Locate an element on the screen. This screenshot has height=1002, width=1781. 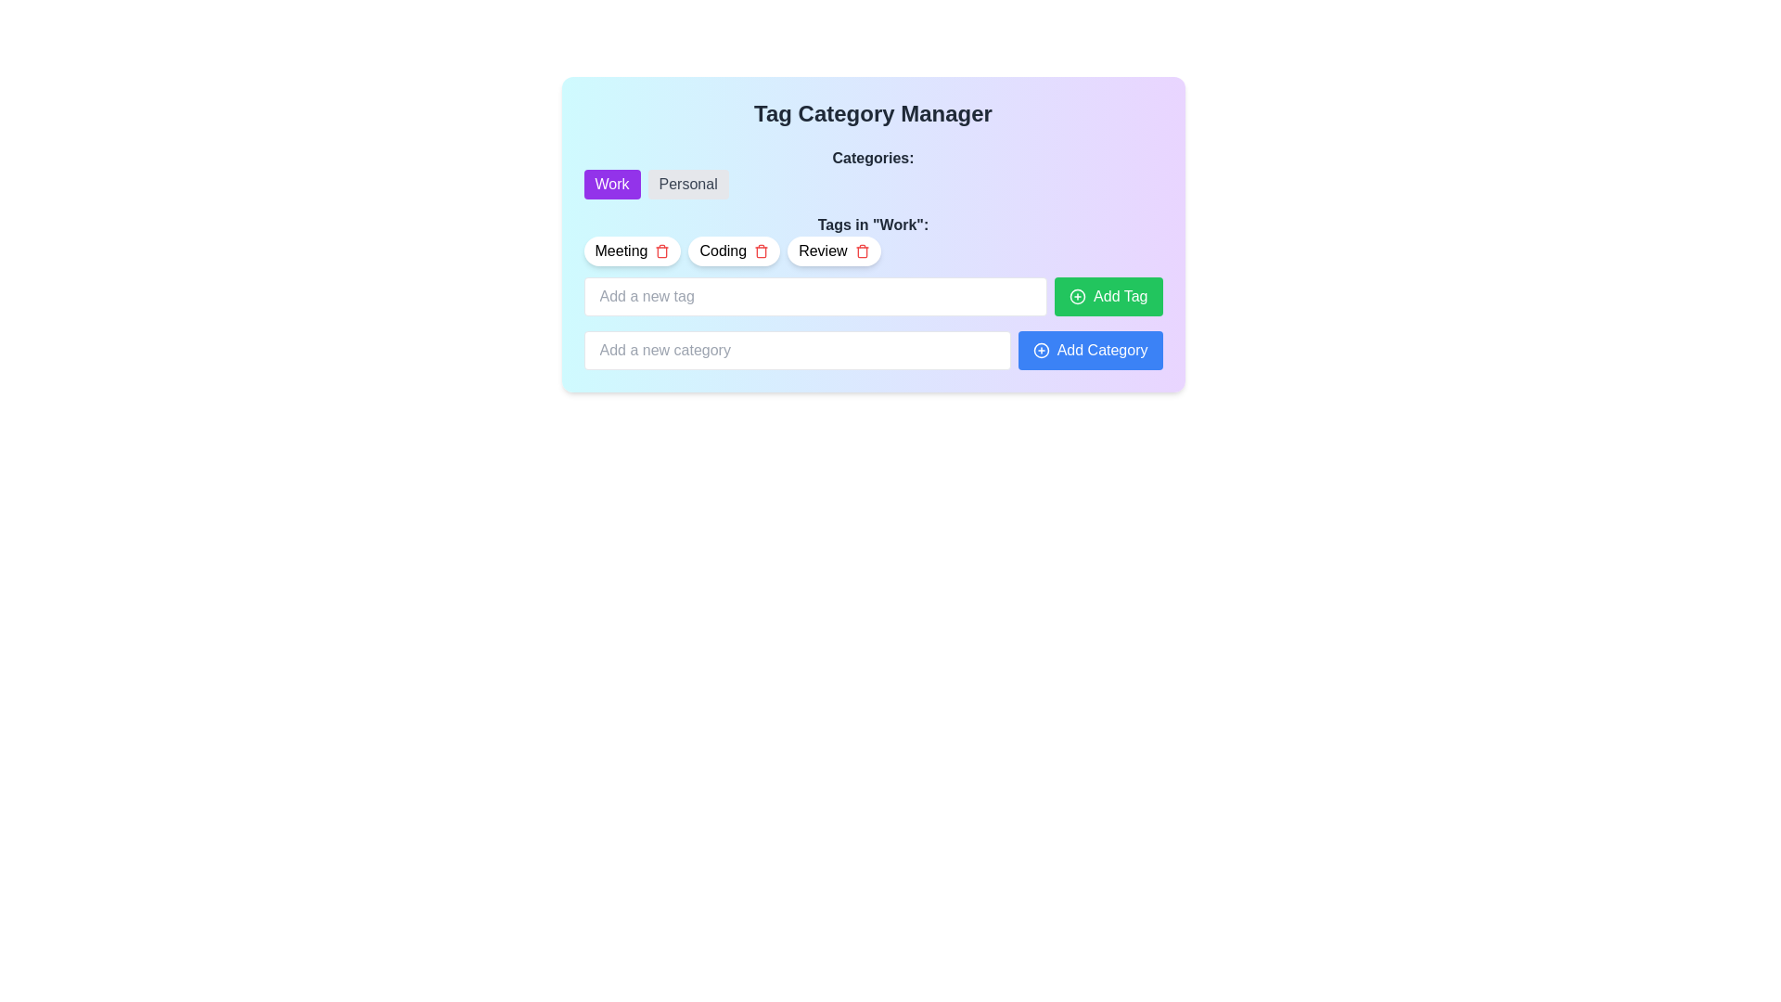
the circular '+' icon within the green 'Add Tag' button, positioned to the left of the text 'Add Tag.' is located at coordinates (1077, 296).